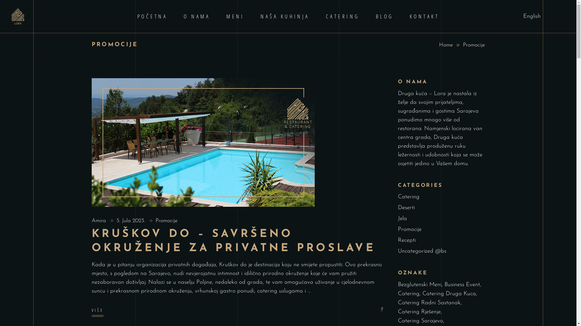 This screenshot has width=581, height=326. I want to click on 'Business Event', so click(462, 285).